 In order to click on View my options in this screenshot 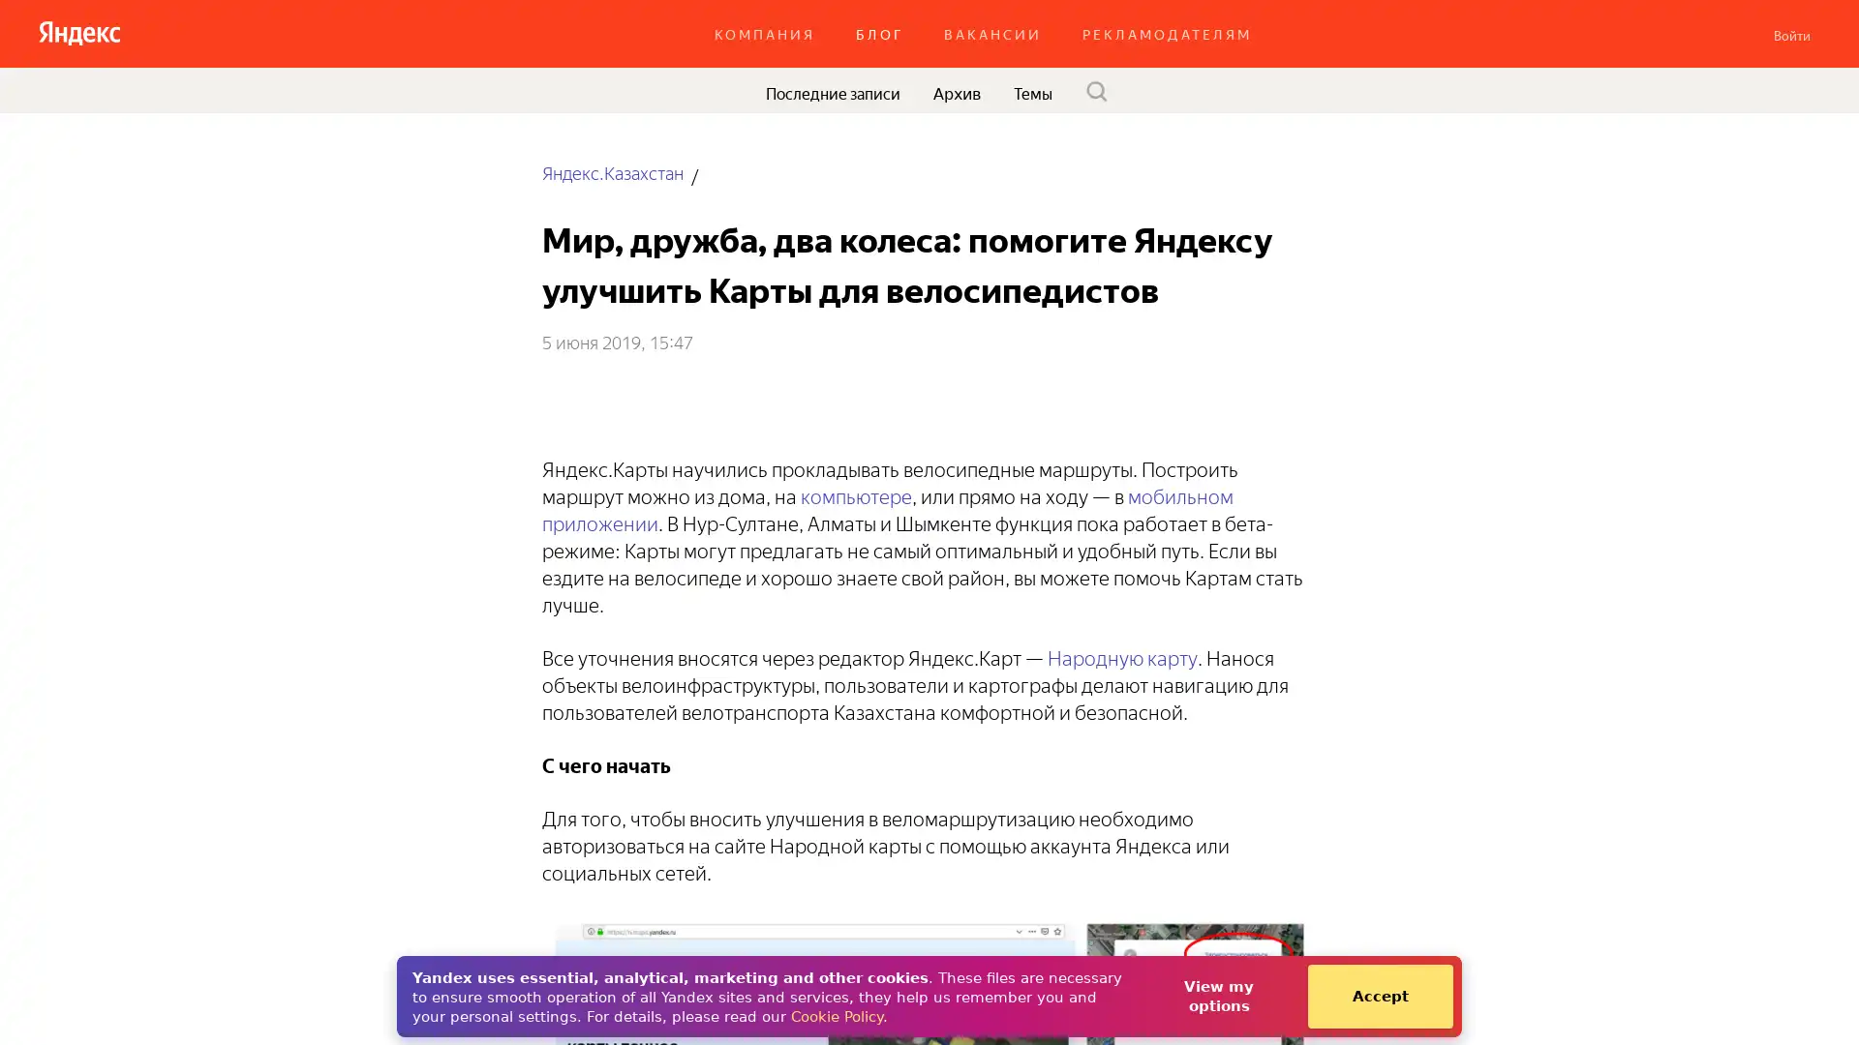, I will do `click(1217, 996)`.